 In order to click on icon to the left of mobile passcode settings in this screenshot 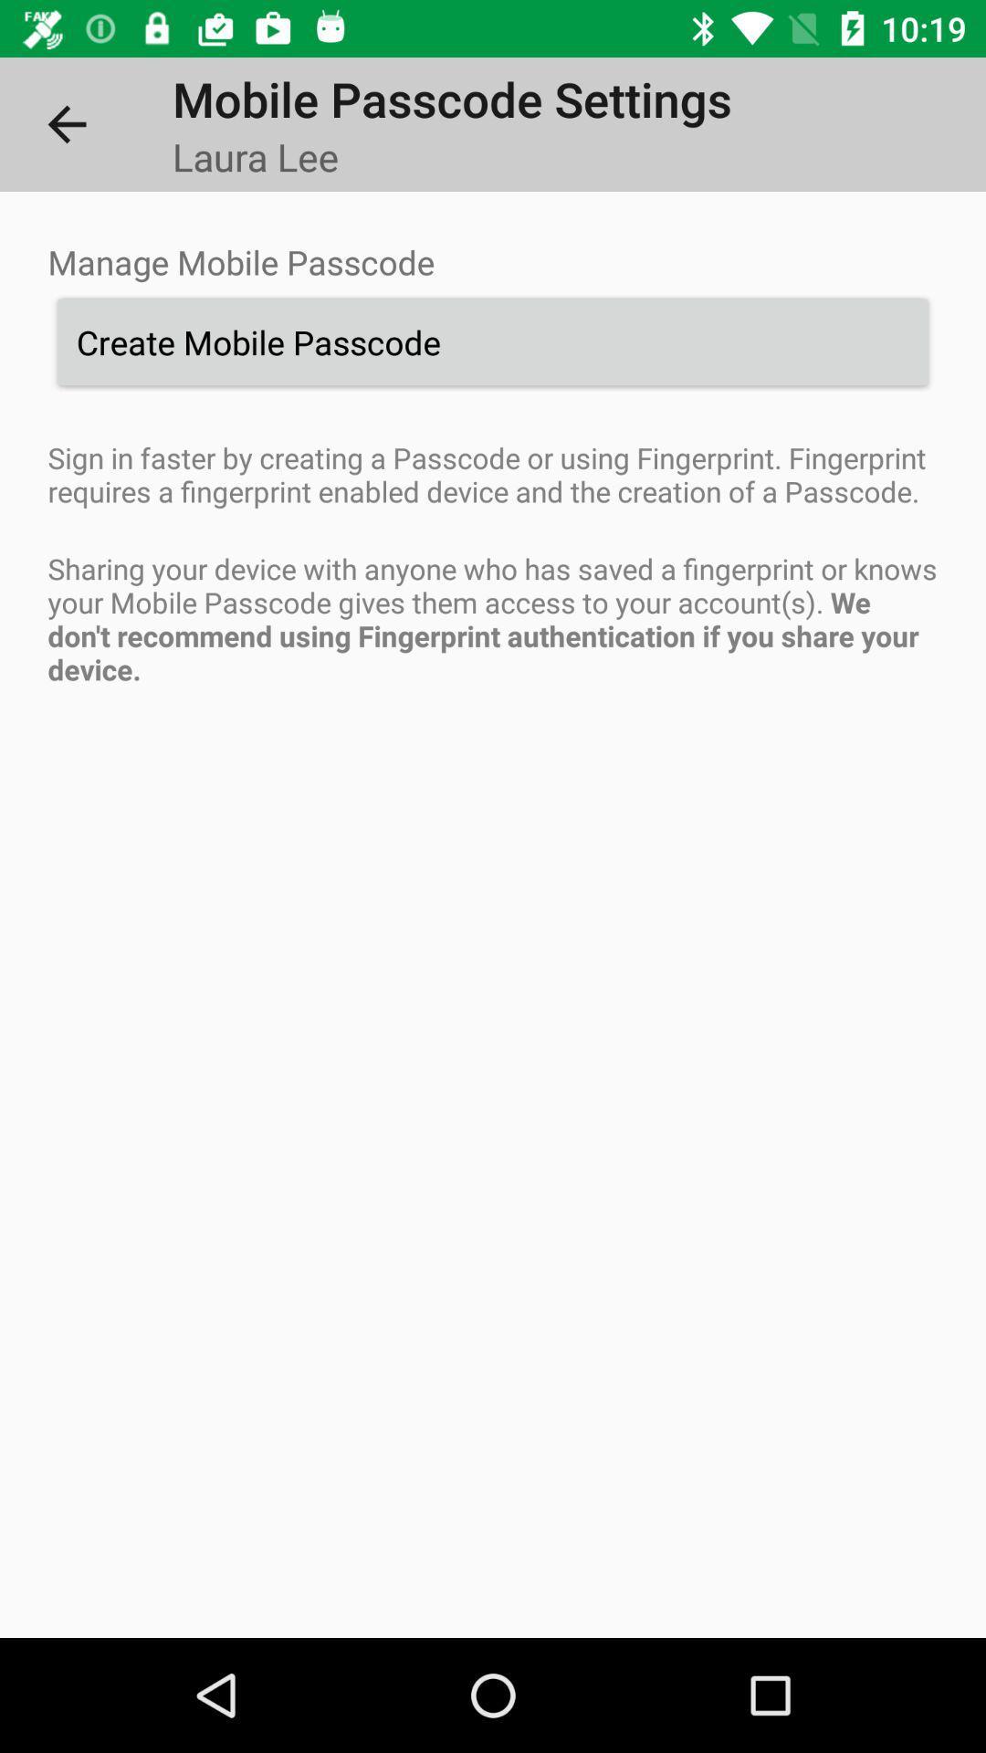, I will do `click(66, 123)`.